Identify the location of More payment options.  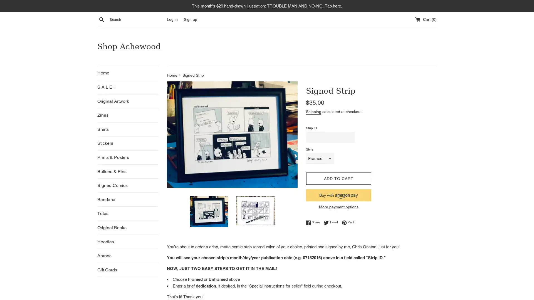
(338, 207).